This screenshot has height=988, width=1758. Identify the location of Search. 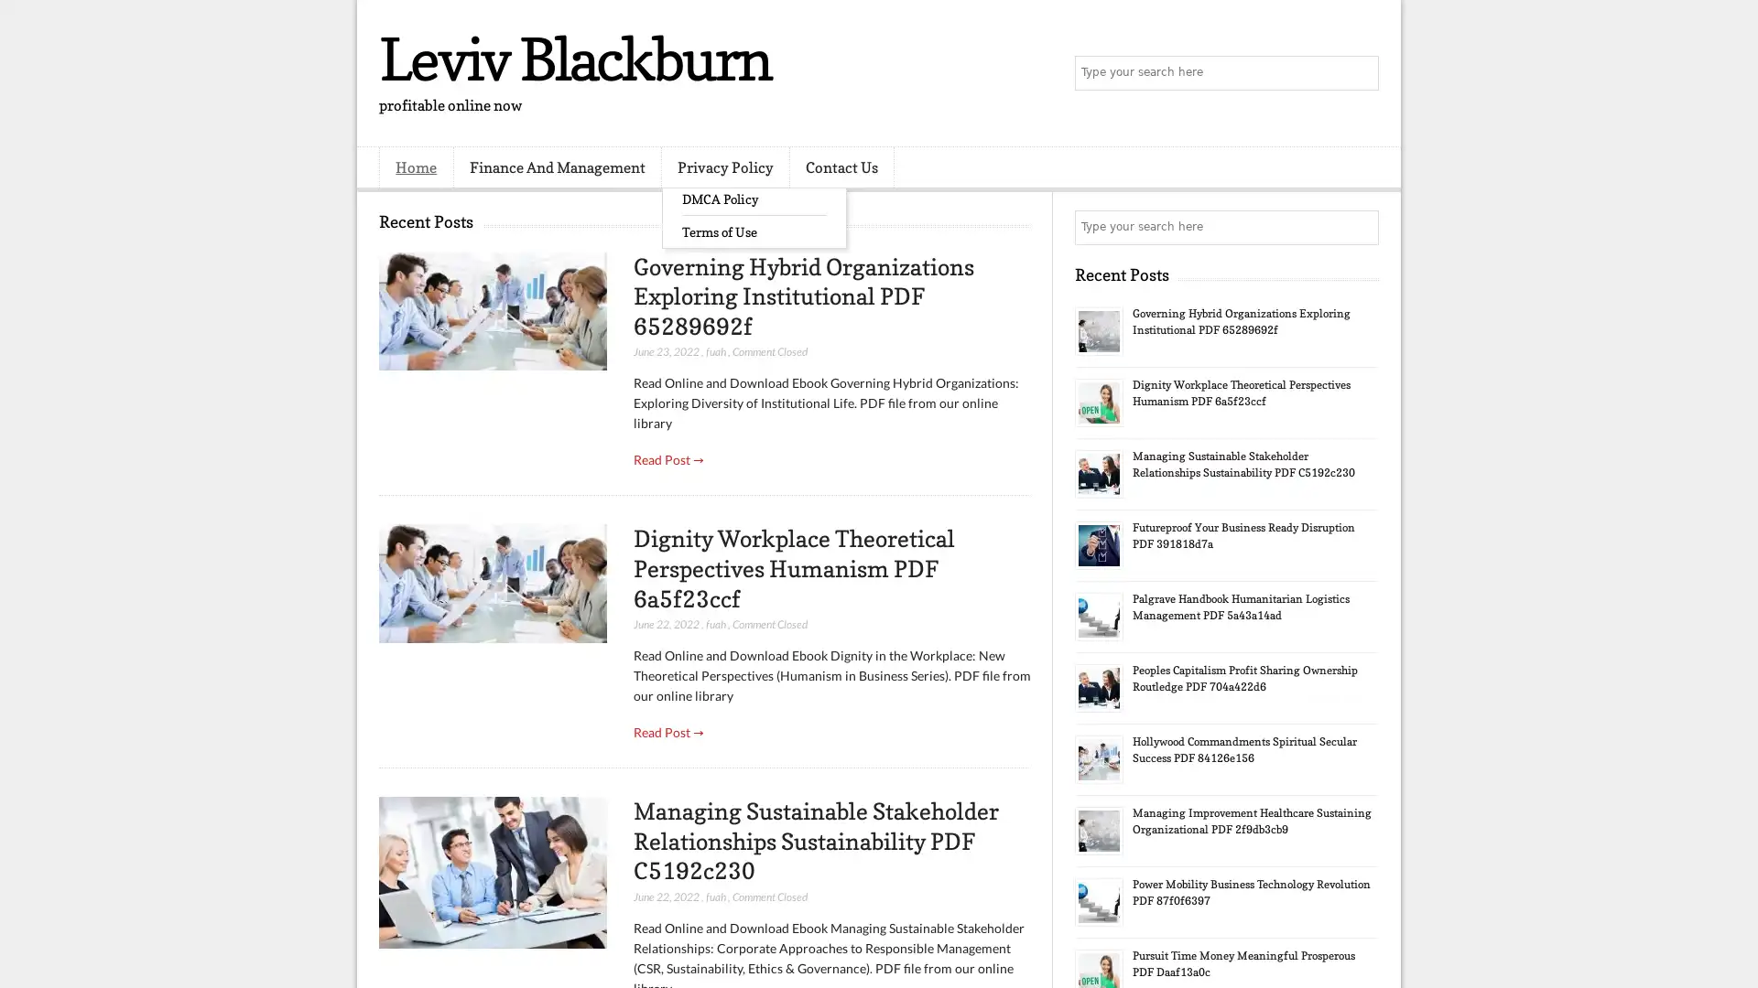
(1360, 227).